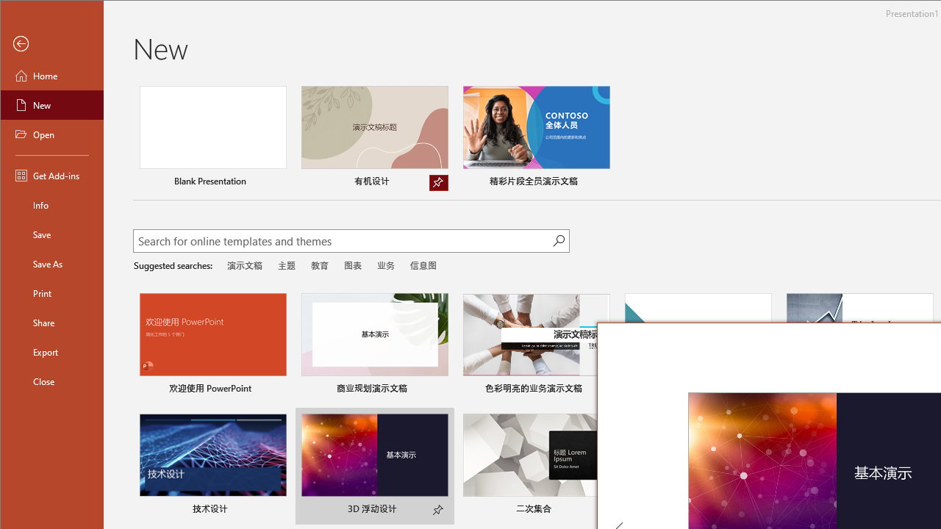 The image size is (941, 529). Describe the element at coordinates (52, 104) in the screenshot. I see `'New'` at that location.